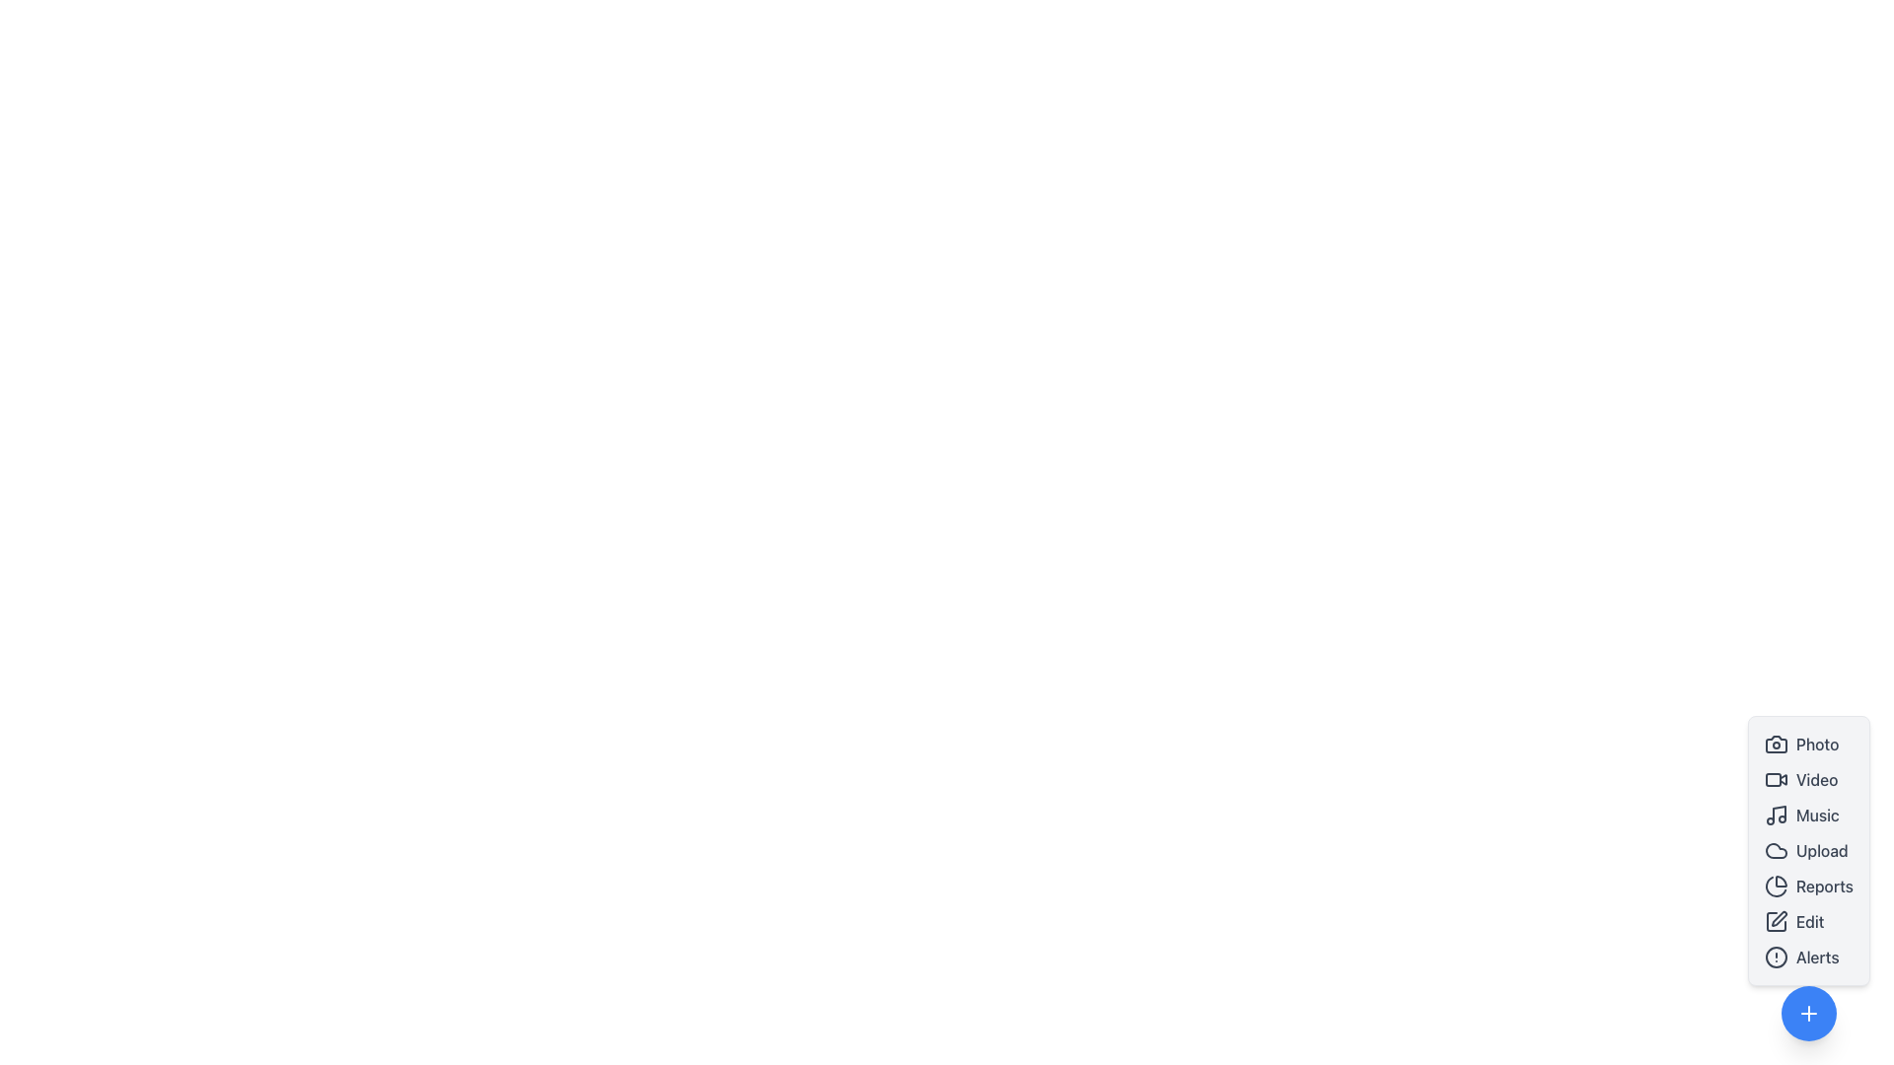 This screenshot has height=1065, width=1894. What do you see at coordinates (1810, 921) in the screenshot?
I see `'Edit' label that indicates an editing action in the vertical menu on the right side of the interface` at bounding box center [1810, 921].